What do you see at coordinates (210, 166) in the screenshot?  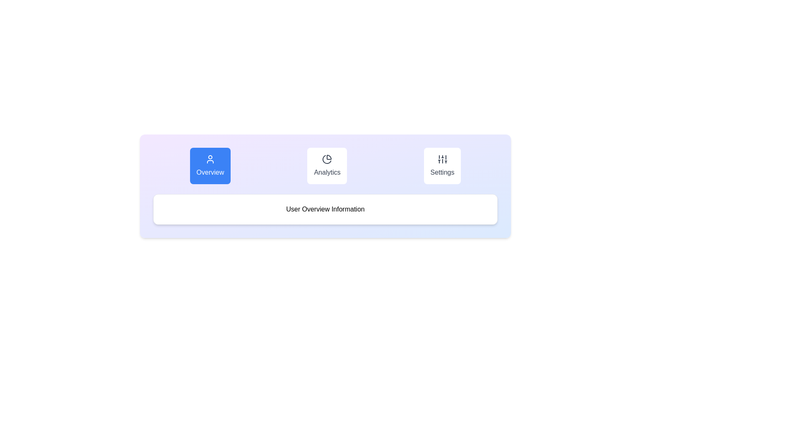 I see `the Overview tab by clicking on its corresponding button` at bounding box center [210, 166].